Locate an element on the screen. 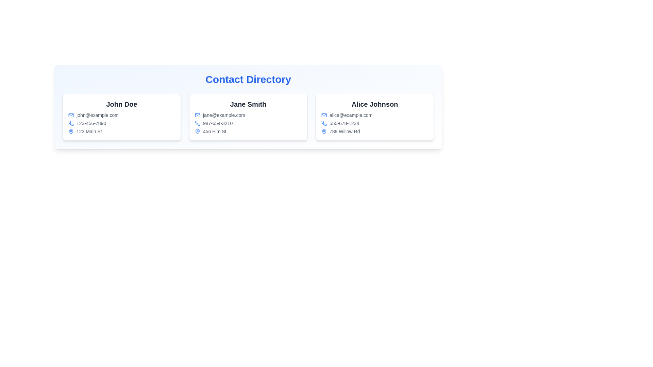  the heading displaying 'Alice Johnson' is located at coordinates (374, 104).